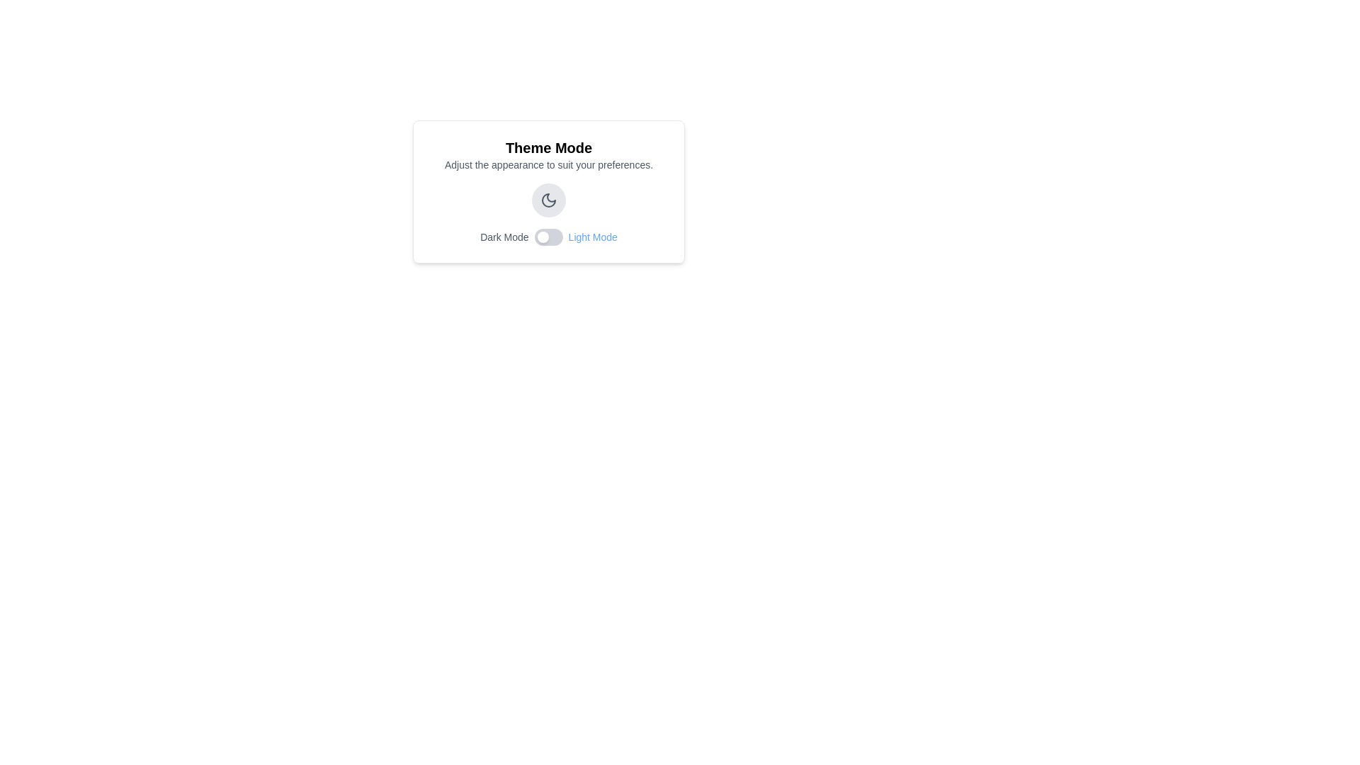 Image resolution: width=1360 pixels, height=765 pixels. What do you see at coordinates (548, 200) in the screenshot?
I see `the crescent moon icon within the circular button for the dark theme mode in the 'Theme Mode' modal dialog` at bounding box center [548, 200].